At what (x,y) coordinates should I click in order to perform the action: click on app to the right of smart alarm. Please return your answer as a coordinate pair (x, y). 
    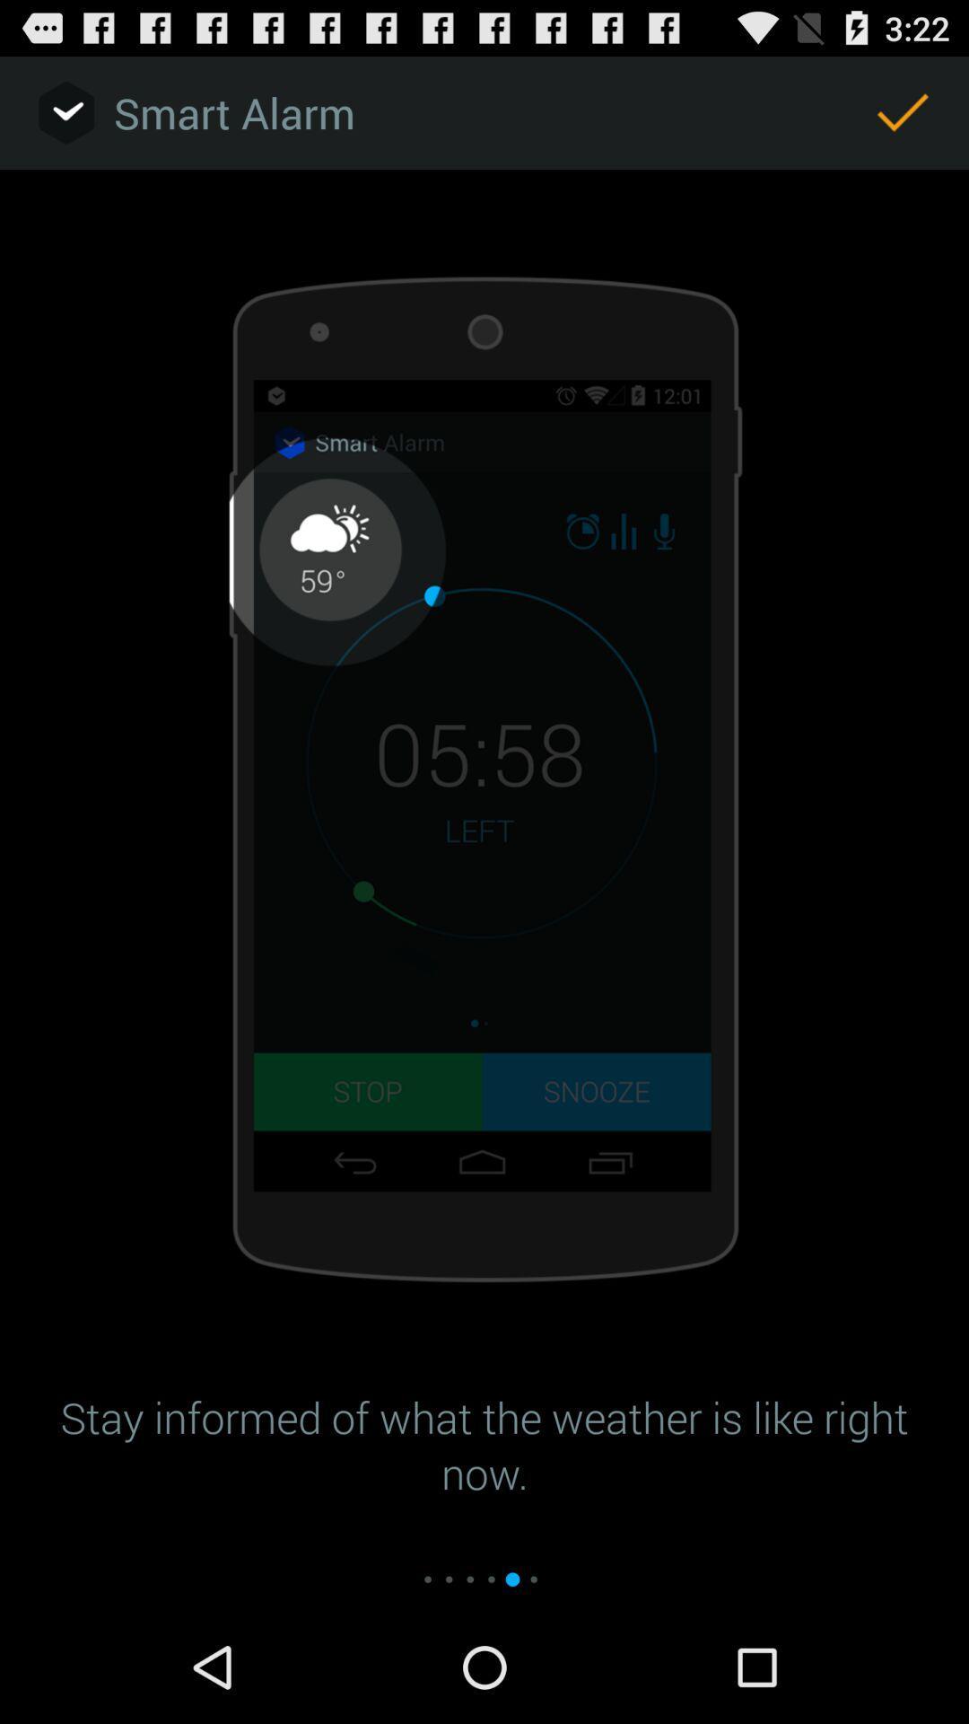
    Looking at the image, I should click on (903, 111).